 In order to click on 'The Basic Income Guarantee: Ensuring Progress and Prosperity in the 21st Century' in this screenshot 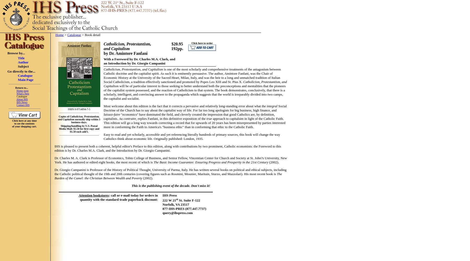, I will do `click(211, 162)`.